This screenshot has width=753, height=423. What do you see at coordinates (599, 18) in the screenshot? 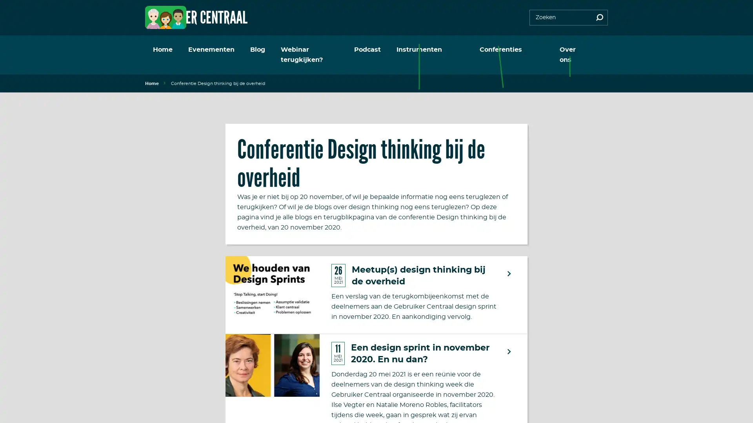
I see `Zoek` at bounding box center [599, 18].